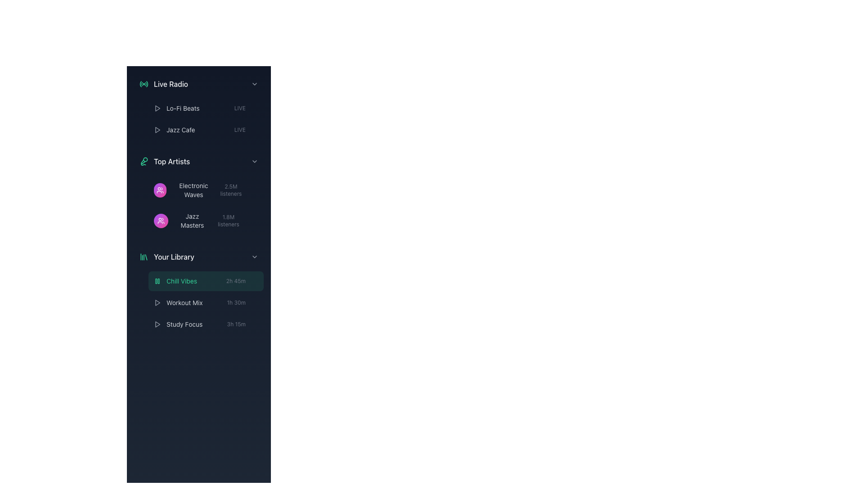  Describe the element at coordinates (180, 130) in the screenshot. I see `the 'Jazz Cafe' label, which is located in the 'Live Radio' section beneath the 'Lo-Fi Beats' entry, displaying information about a live radio station` at that location.